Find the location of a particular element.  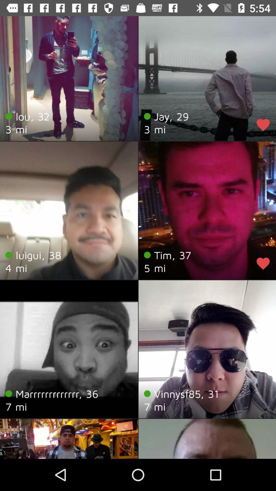

the profile image of tim 37 is located at coordinates (207, 211).